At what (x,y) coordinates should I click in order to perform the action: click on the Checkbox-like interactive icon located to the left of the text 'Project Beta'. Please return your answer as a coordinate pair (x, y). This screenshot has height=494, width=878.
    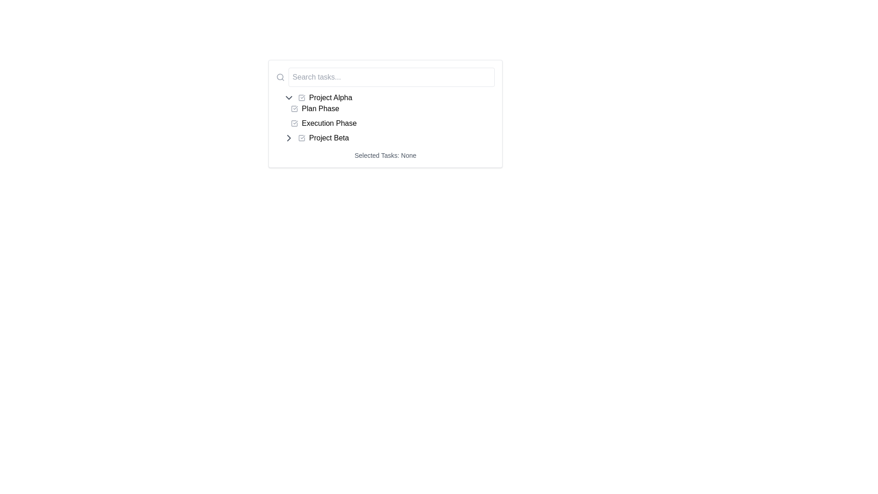
    Looking at the image, I should click on (302, 138).